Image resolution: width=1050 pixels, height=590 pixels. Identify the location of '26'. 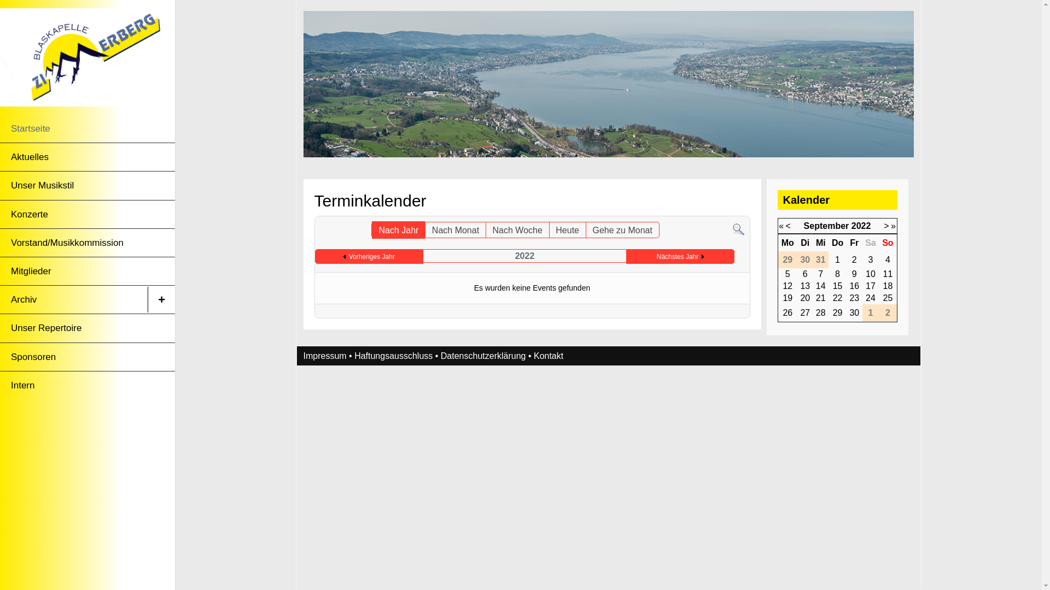
(787, 312).